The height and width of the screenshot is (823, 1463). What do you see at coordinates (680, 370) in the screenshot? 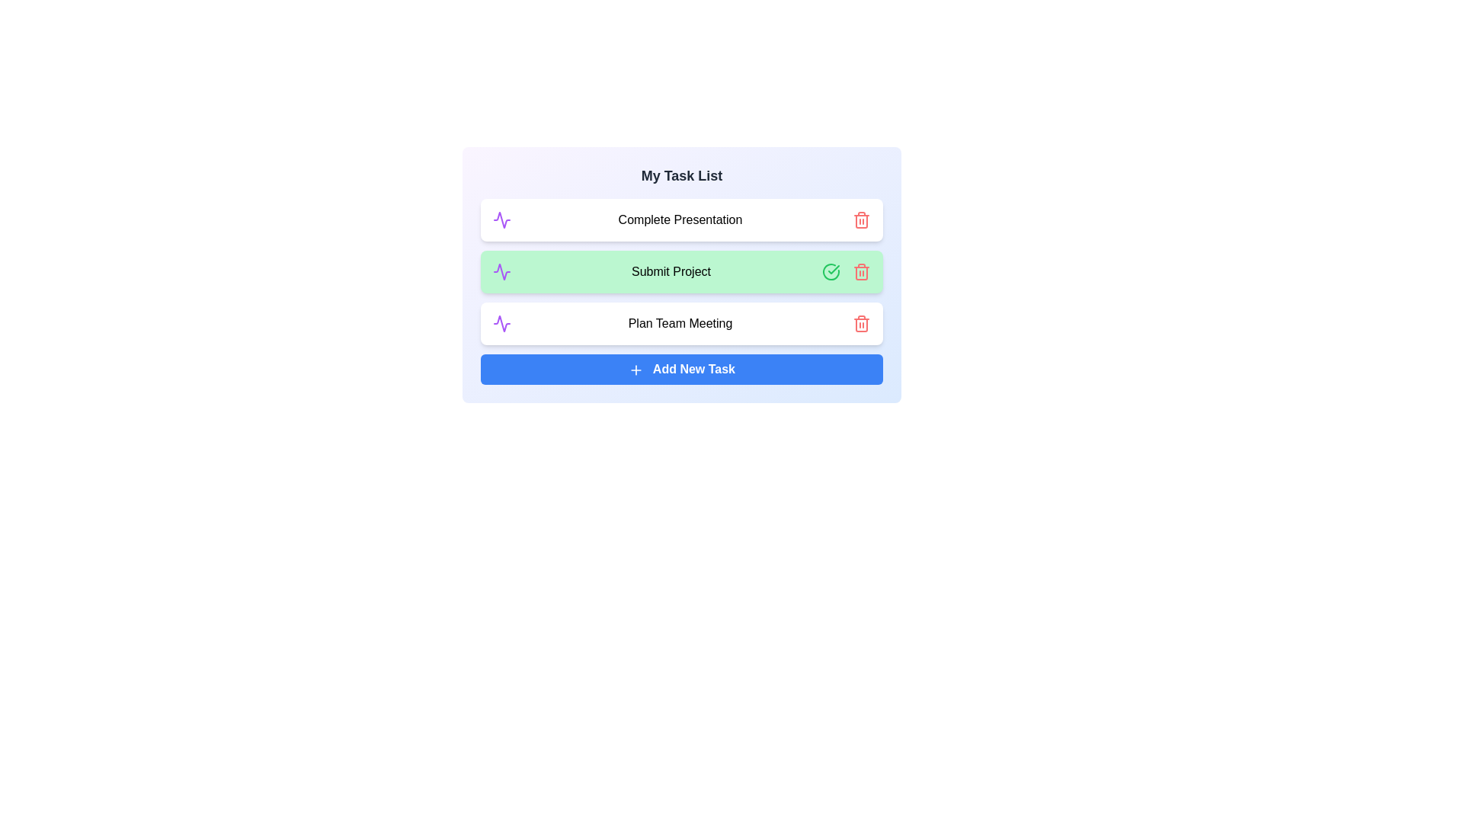
I see `the 'Add New Task' button to add a new task to the list` at bounding box center [680, 370].